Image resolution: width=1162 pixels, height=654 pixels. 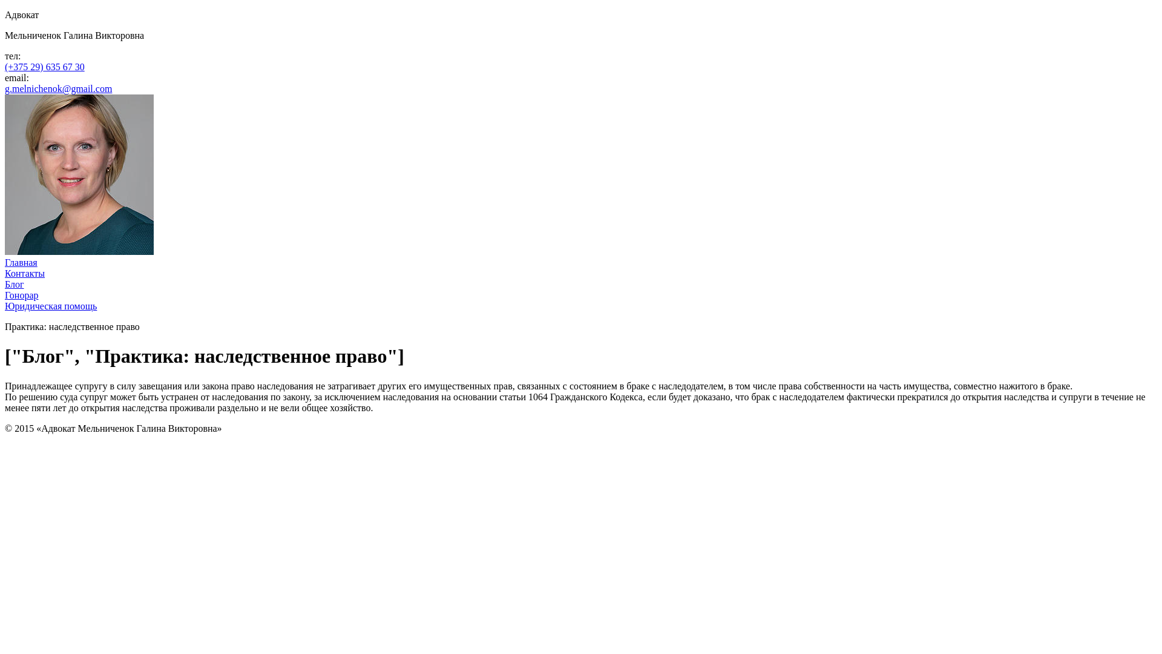 What do you see at coordinates (44, 67) in the screenshot?
I see `'(+375 29) 635 67 30'` at bounding box center [44, 67].